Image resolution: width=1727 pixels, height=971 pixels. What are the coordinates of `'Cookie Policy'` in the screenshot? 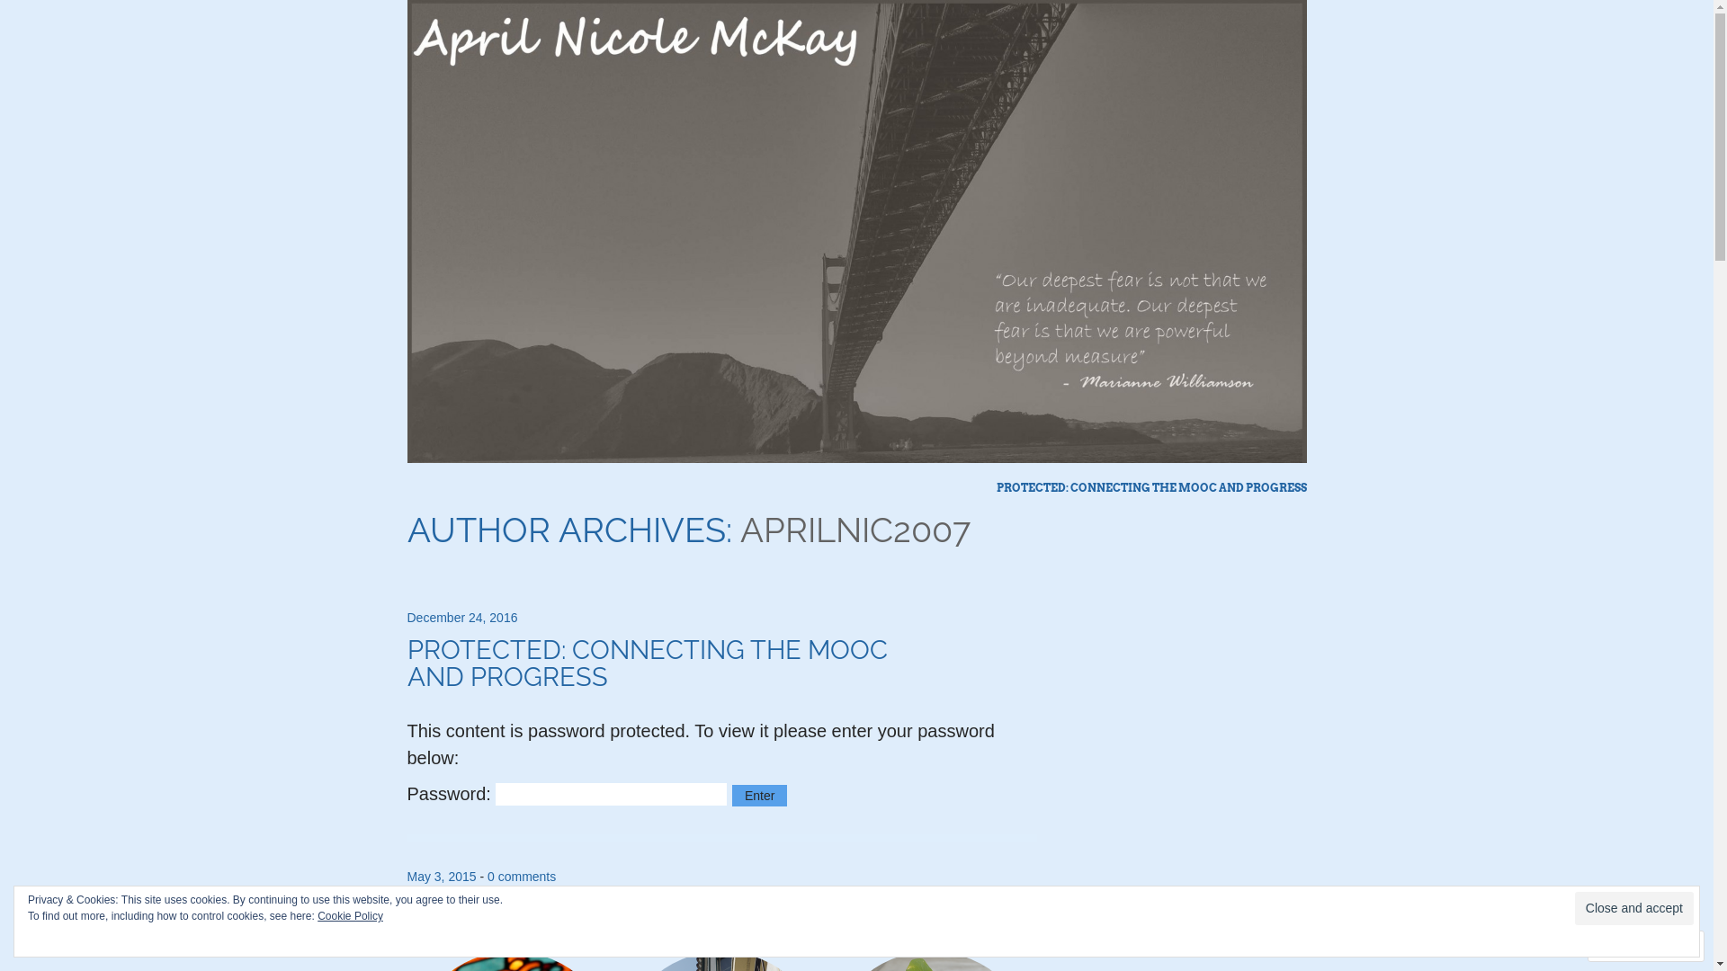 It's located at (350, 915).